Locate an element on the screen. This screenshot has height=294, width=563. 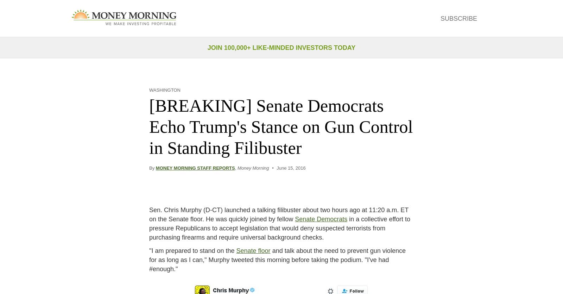
'Subscribe' is located at coordinates (440, 18).